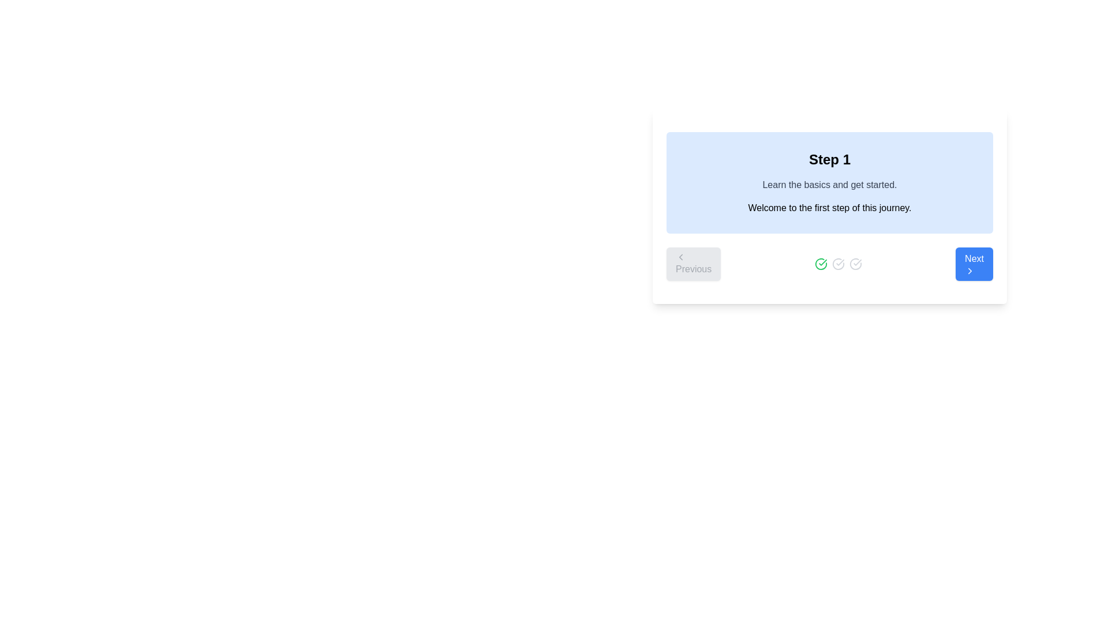 The width and height of the screenshot is (1108, 623). I want to click on the SVG checkmark icon inside a circular border, which indicates successful completion, located in the center-bottom area of the visible card, so click(820, 264).